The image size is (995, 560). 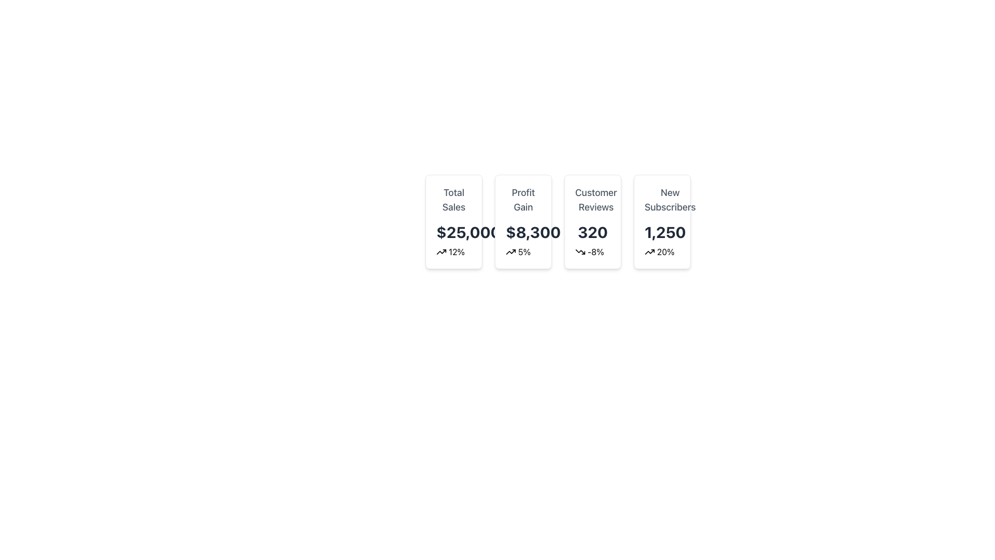 What do you see at coordinates (453, 231) in the screenshot?
I see `the total sales number displayed in the 'Total Sales' card` at bounding box center [453, 231].